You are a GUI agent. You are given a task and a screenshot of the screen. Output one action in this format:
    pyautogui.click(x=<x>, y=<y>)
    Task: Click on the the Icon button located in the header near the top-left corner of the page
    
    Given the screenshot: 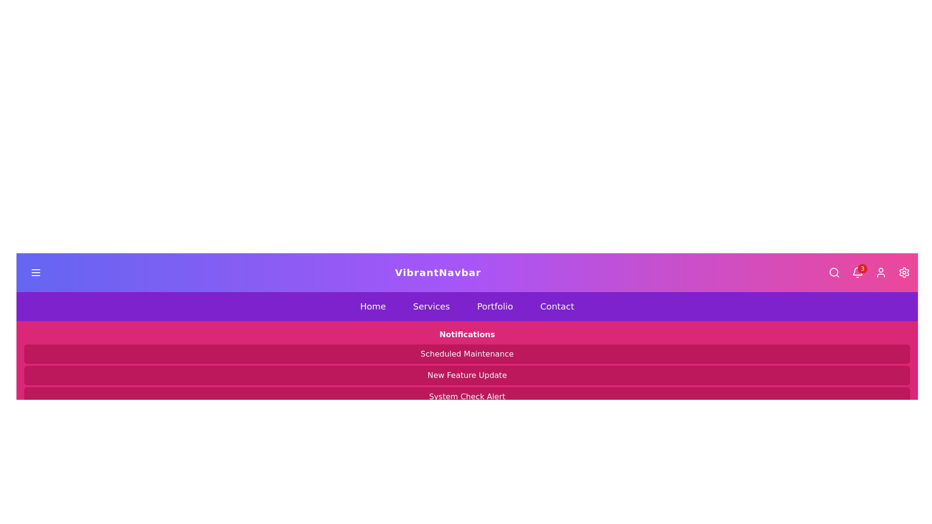 What is the action you would take?
    pyautogui.click(x=35, y=273)
    